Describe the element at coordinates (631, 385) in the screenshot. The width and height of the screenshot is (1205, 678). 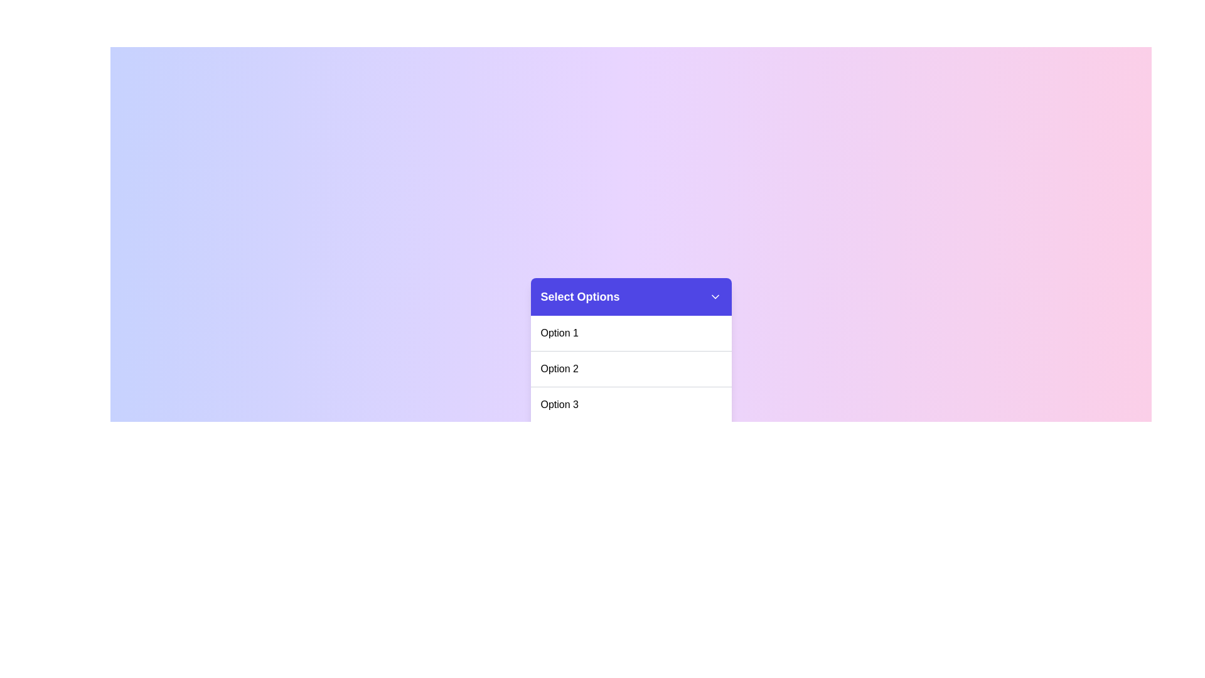
I see `the second item in the dropdown menu` at that location.